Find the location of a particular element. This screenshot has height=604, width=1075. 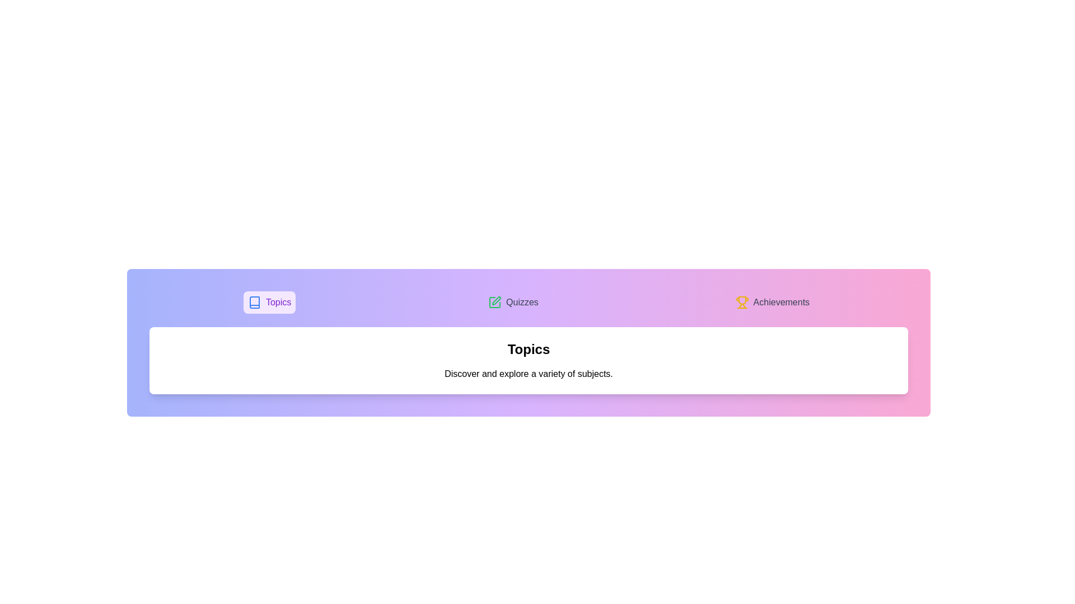

the Achievements tab to switch the active content view is located at coordinates (772, 302).